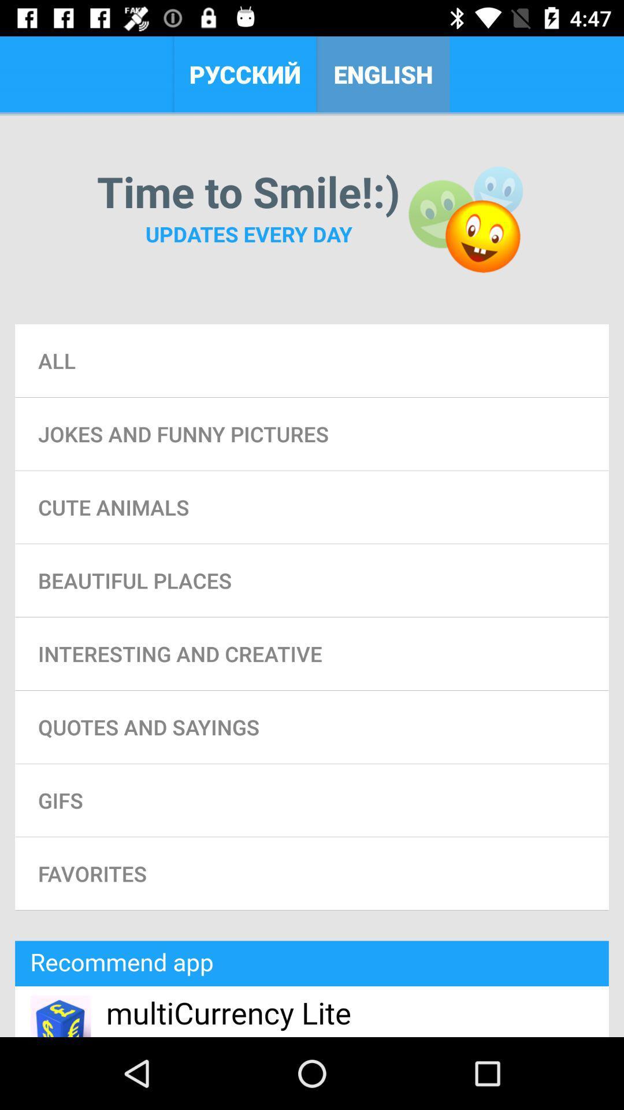 The image size is (624, 1110). What do you see at coordinates (312, 874) in the screenshot?
I see `the favorites` at bounding box center [312, 874].